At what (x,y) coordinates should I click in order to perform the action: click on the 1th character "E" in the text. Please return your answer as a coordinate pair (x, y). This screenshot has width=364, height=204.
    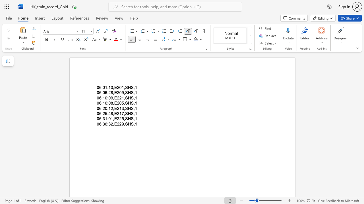
    Looking at the image, I should click on (115, 92).